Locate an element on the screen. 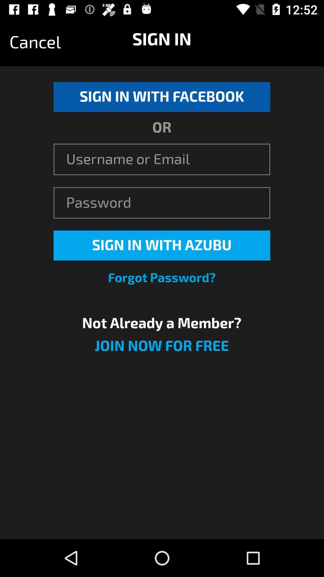  icon at the top left corner is located at coordinates (35, 42).